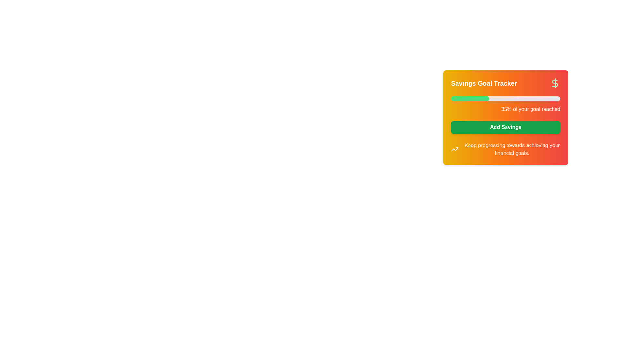 Image resolution: width=623 pixels, height=350 pixels. I want to click on the text label displaying 'Savings Goal Tracker', which is bold and large, with white text on an orange-red gradient background, so click(484, 83).